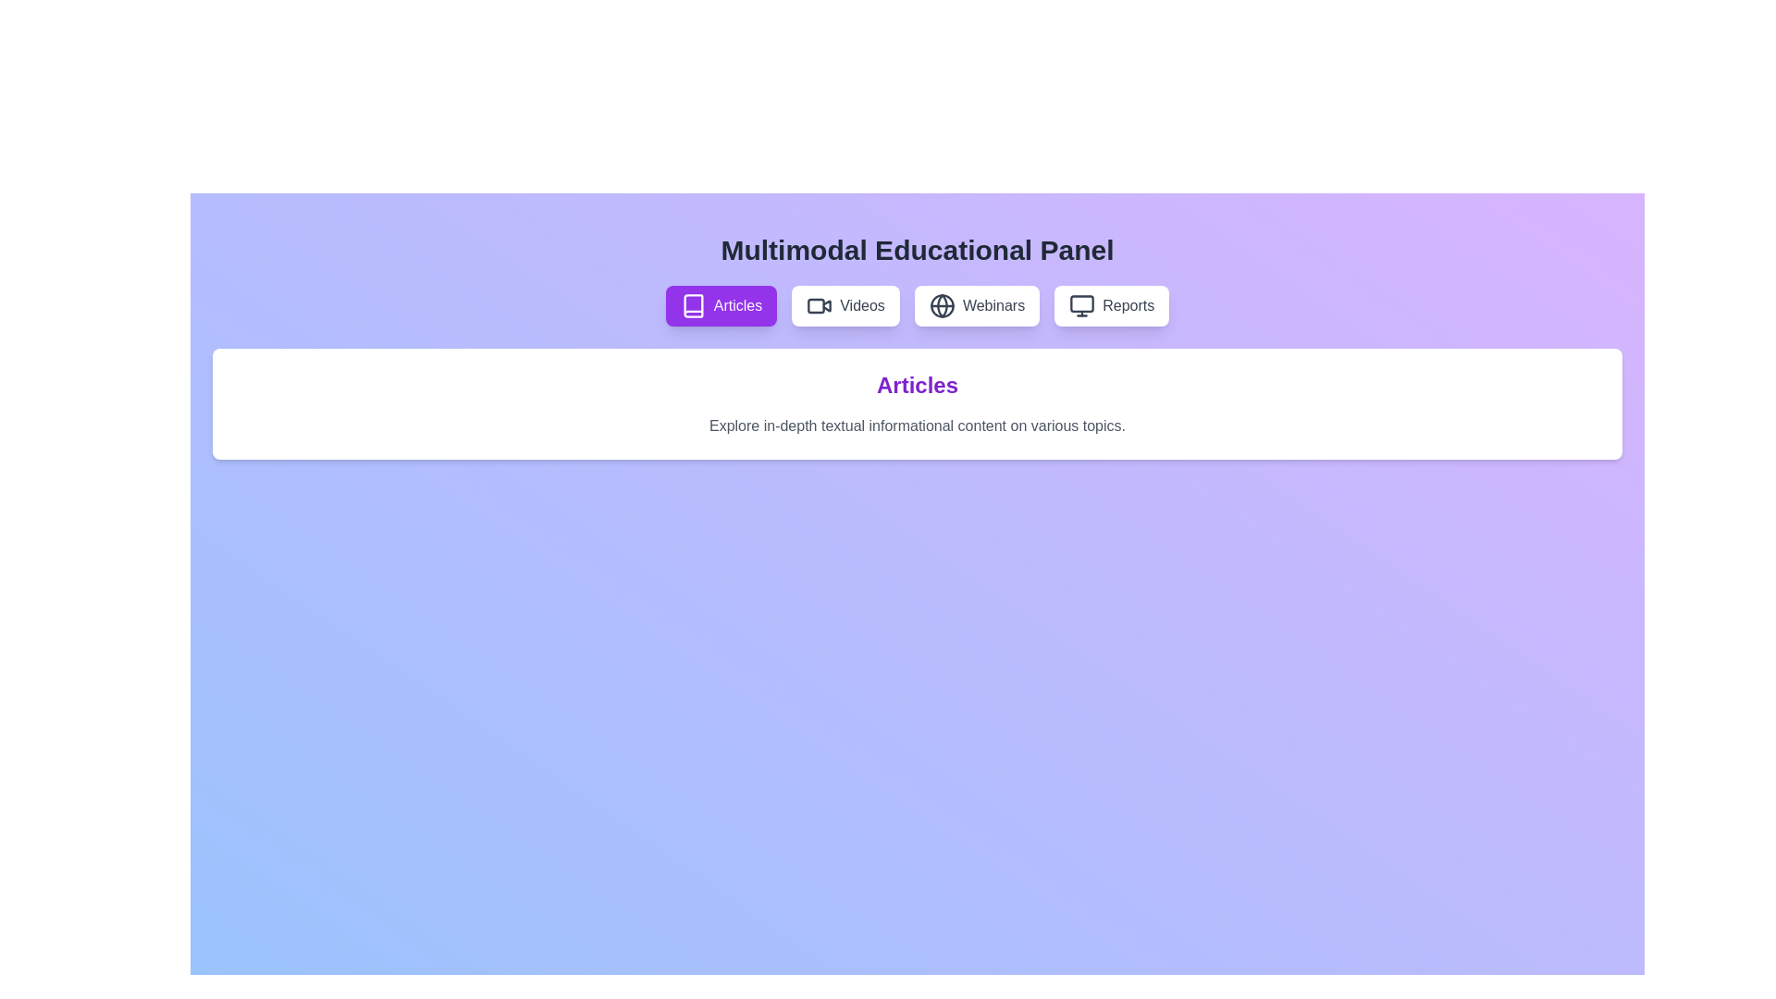 The image size is (1776, 999). Describe the element at coordinates (819, 305) in the screenshot. I see `the 'Videos' icon` at that location.